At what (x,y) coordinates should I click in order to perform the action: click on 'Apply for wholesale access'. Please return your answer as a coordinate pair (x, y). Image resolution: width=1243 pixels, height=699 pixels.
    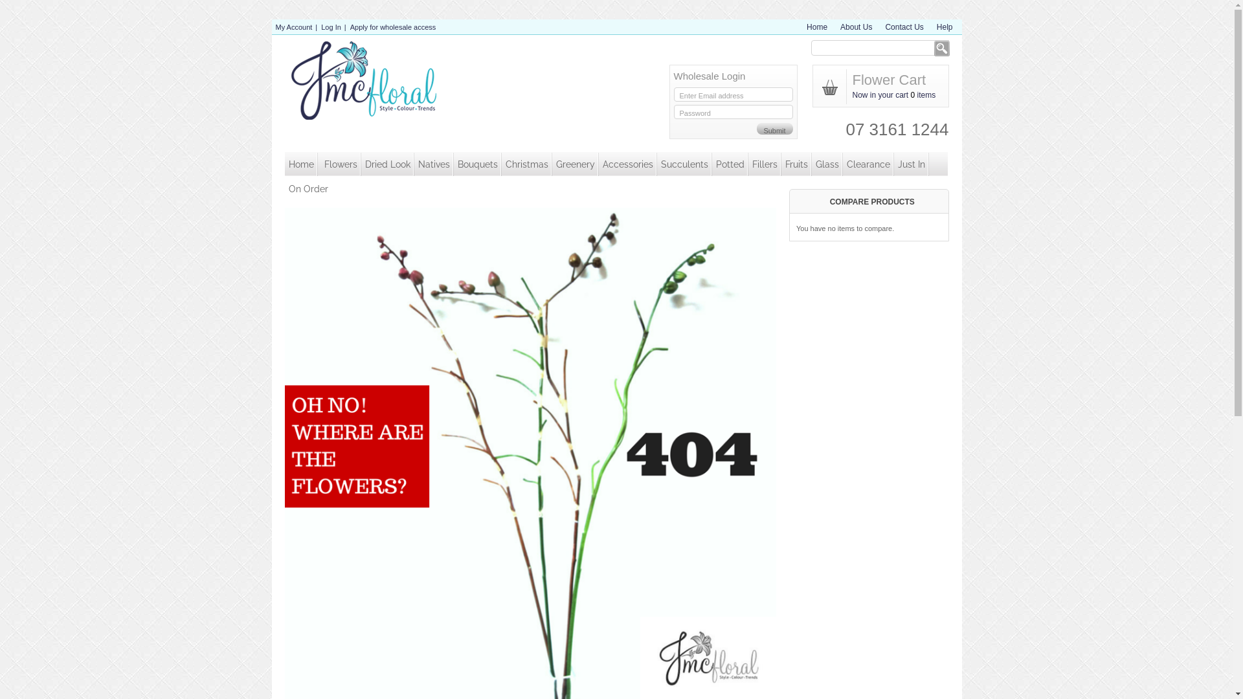
    Looking at the image, I should click on (392, 27).